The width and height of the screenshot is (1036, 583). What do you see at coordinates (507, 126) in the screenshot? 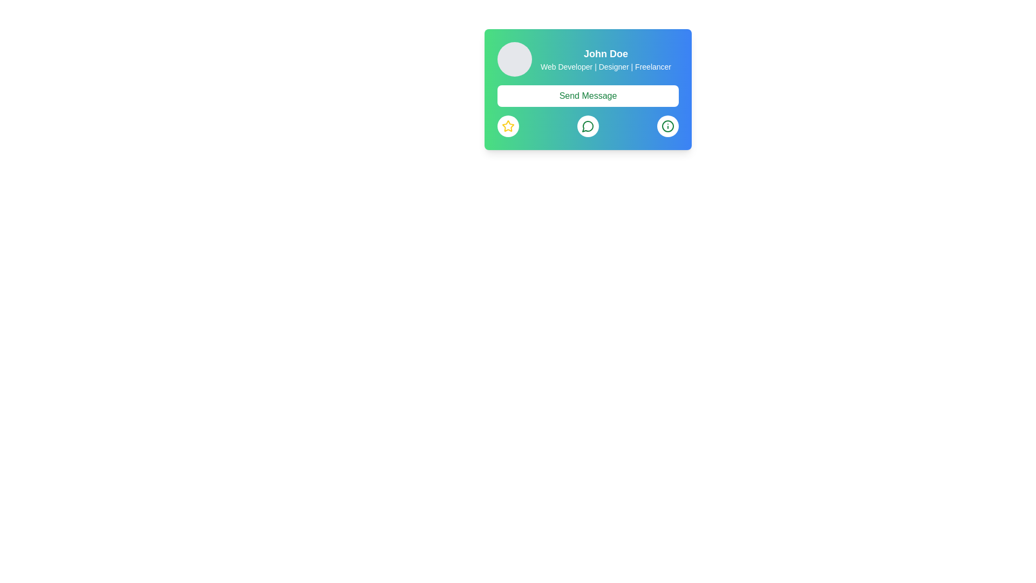
I see `the leftmost circular button used for rating or marking as favorite, which is represented by a star icon, located to the immediate left of the green chat icon button` at bounding box center [507, 126].